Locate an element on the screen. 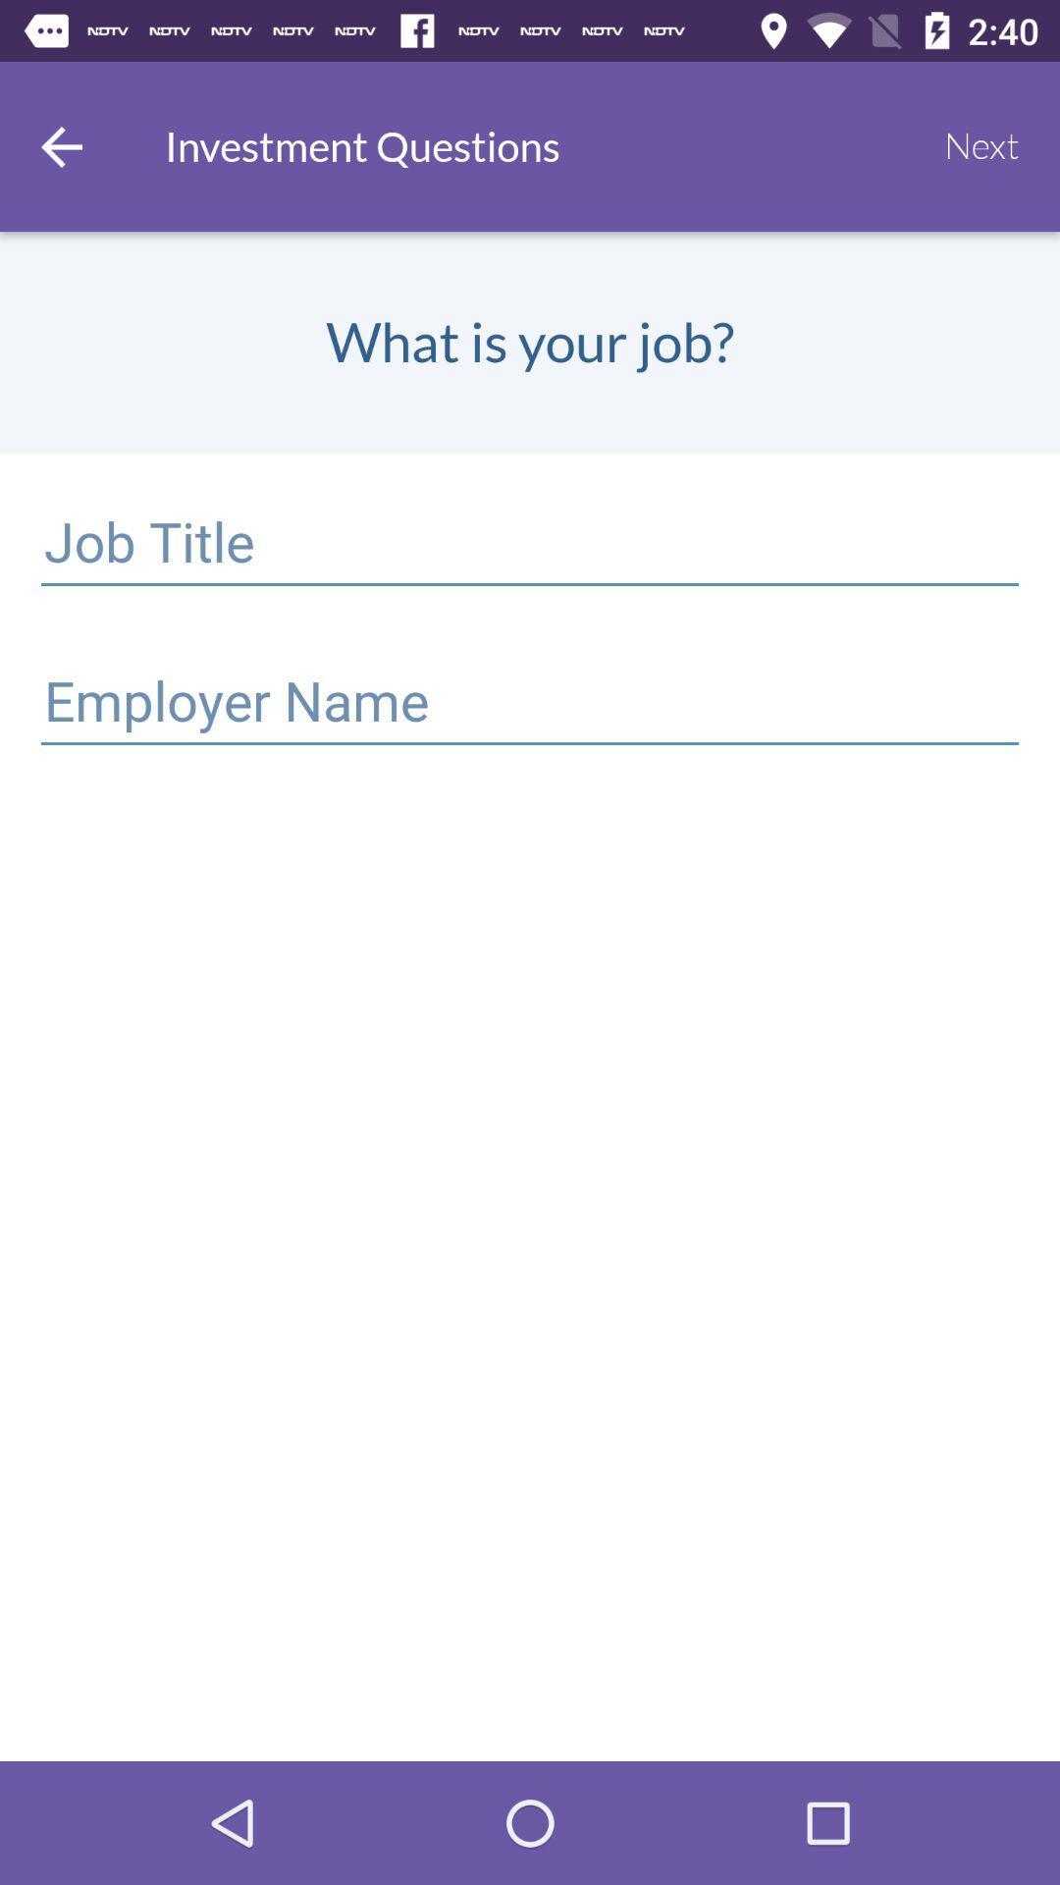 This screenshot has width=1060, height=1885. name is located at coordinates (530, 705).